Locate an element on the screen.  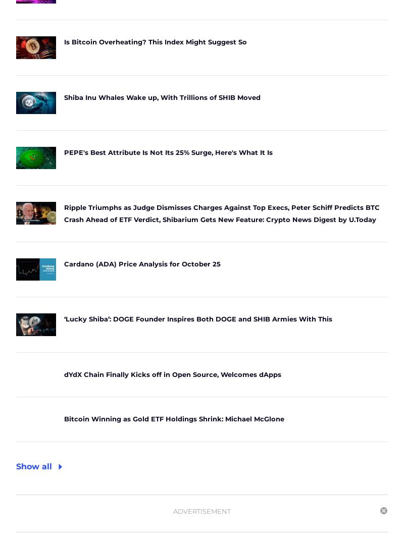
'PEPE's Best Attribute Is Not Its 25% Surge, Here's What It Is' is located at coordinates (168, 151).